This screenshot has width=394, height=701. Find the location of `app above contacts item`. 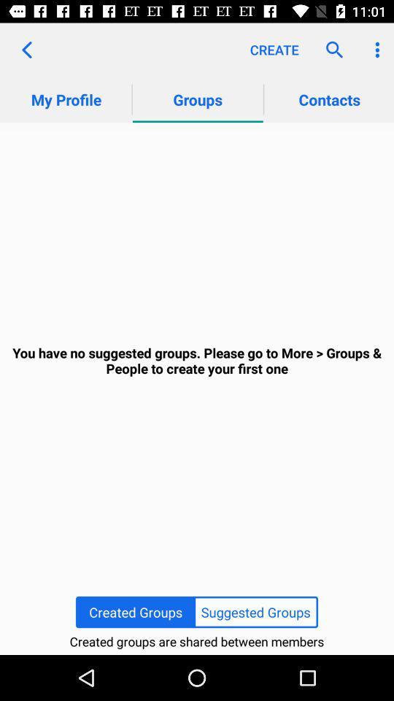

app above contacts item is located at coordinates (374, 50).